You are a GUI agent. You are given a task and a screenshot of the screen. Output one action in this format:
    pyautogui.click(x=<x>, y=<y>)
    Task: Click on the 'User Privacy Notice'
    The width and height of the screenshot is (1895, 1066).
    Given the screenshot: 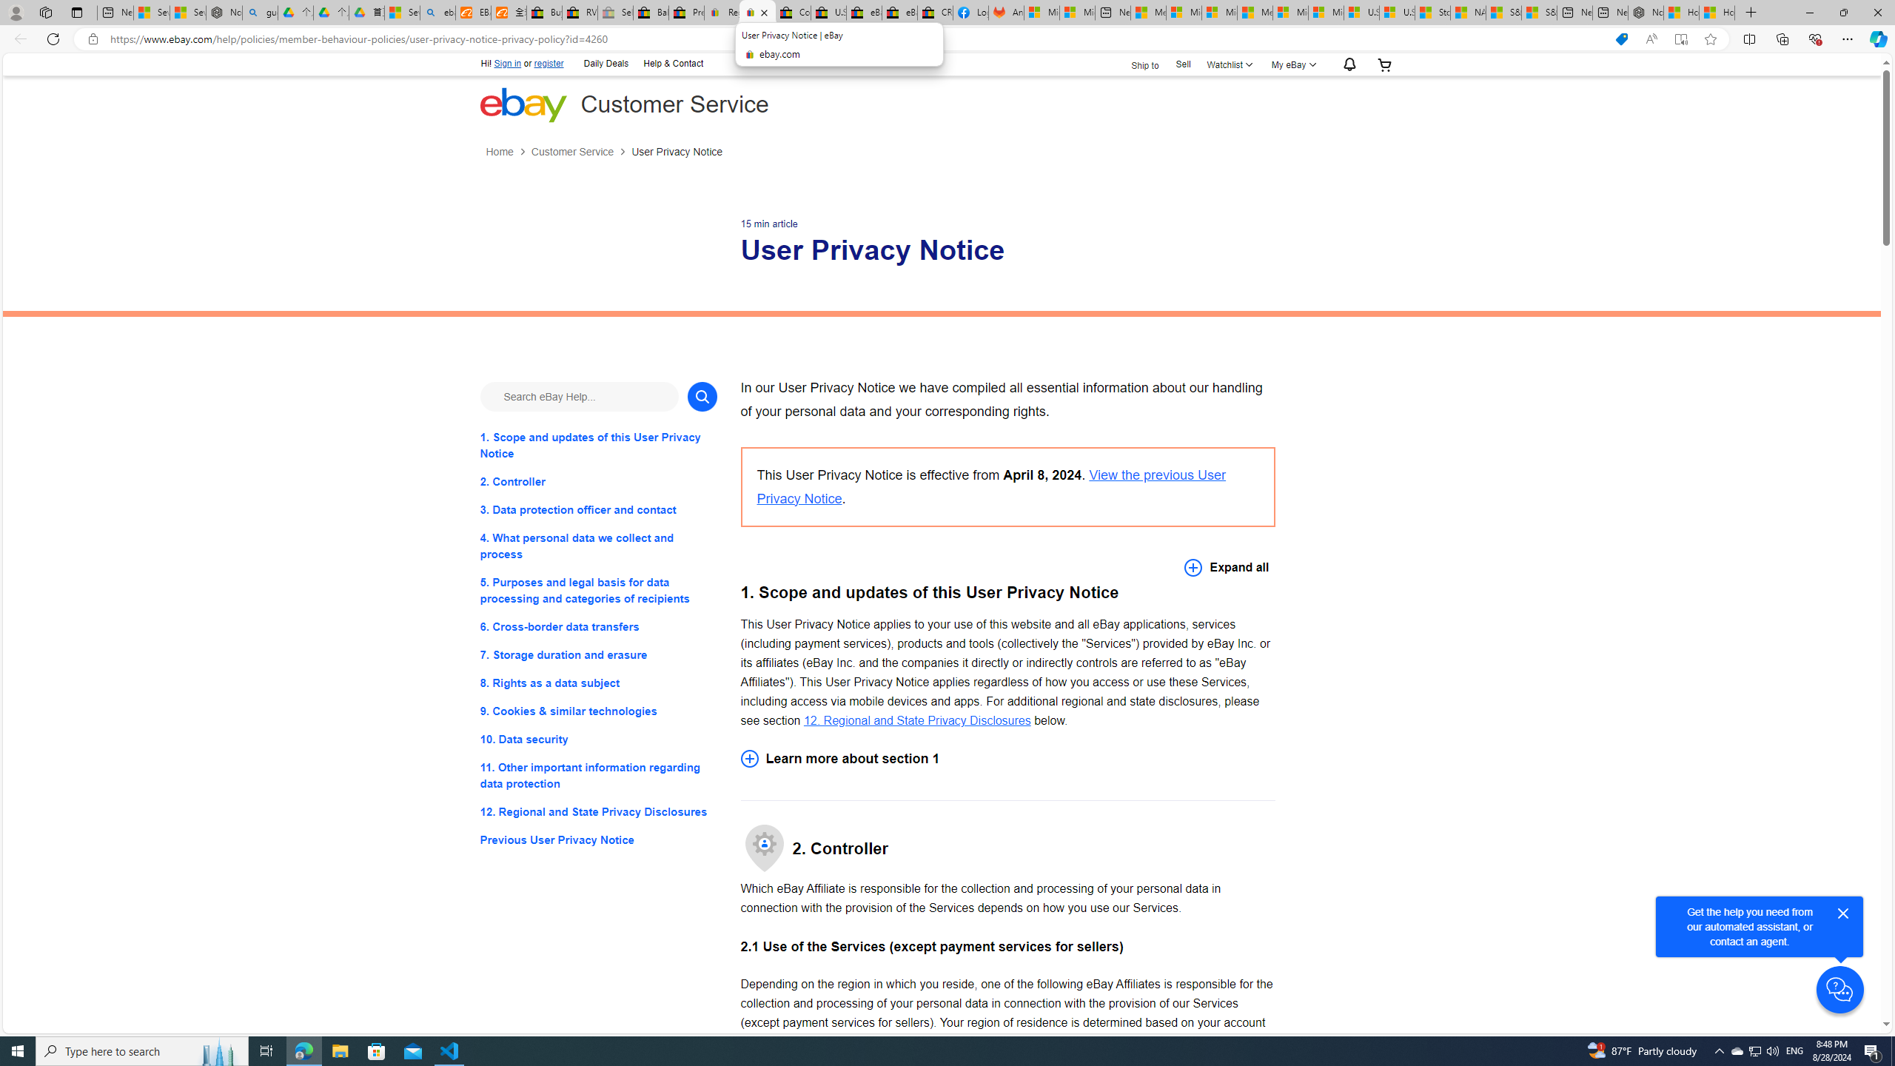 What is the action you would take?
    pyautogui.click(x=677, y=151)
    